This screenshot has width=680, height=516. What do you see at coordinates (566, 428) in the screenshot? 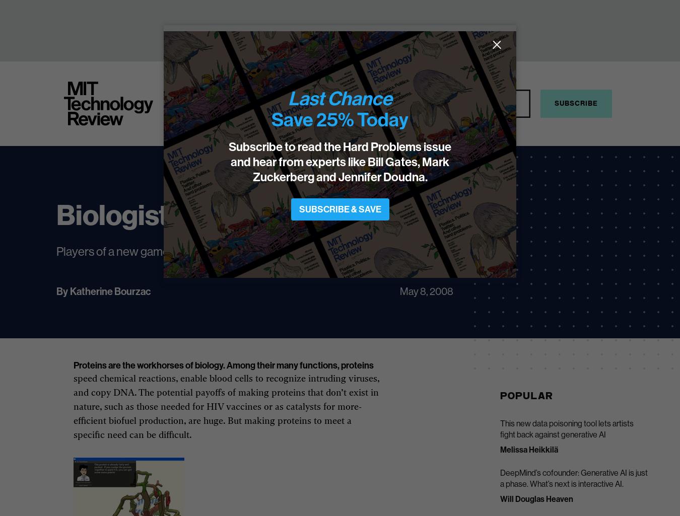
I see `'This new data poisoning tool lets artists fight back against generative AI'` at bounding box center [566, 428].